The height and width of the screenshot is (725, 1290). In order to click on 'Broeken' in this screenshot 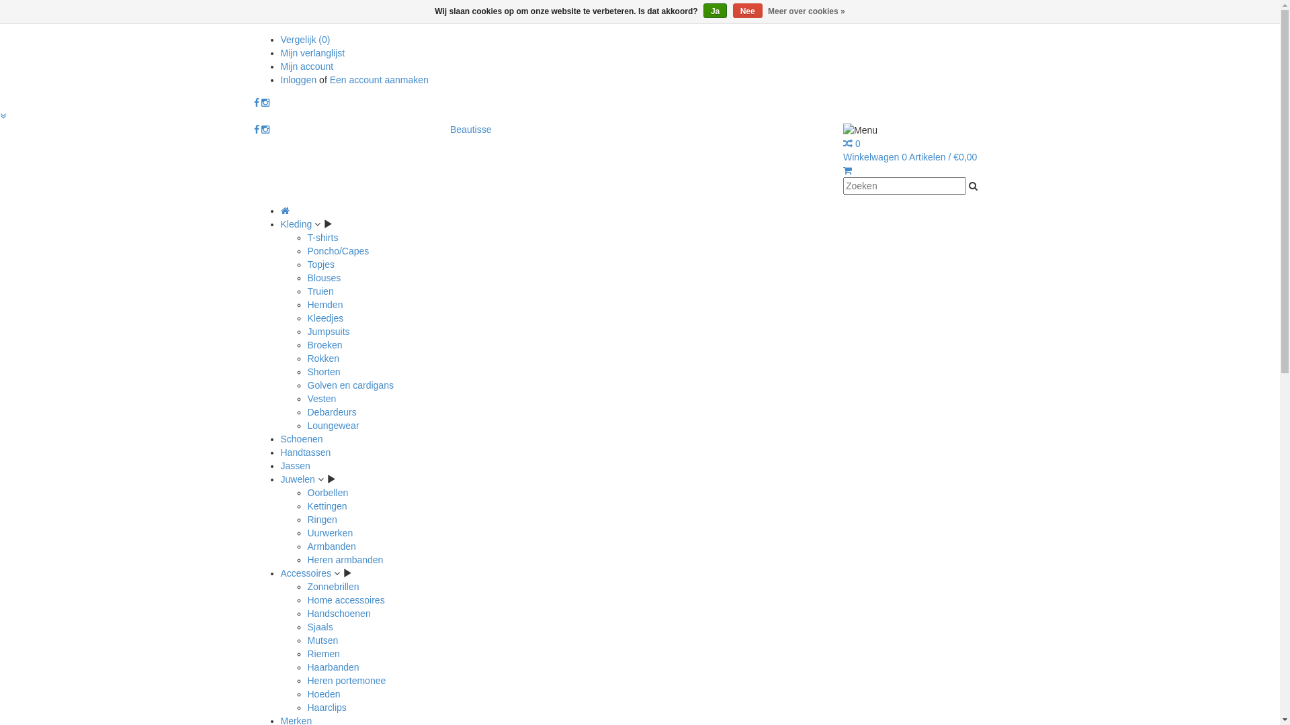, I will do `click(325, 344)`.